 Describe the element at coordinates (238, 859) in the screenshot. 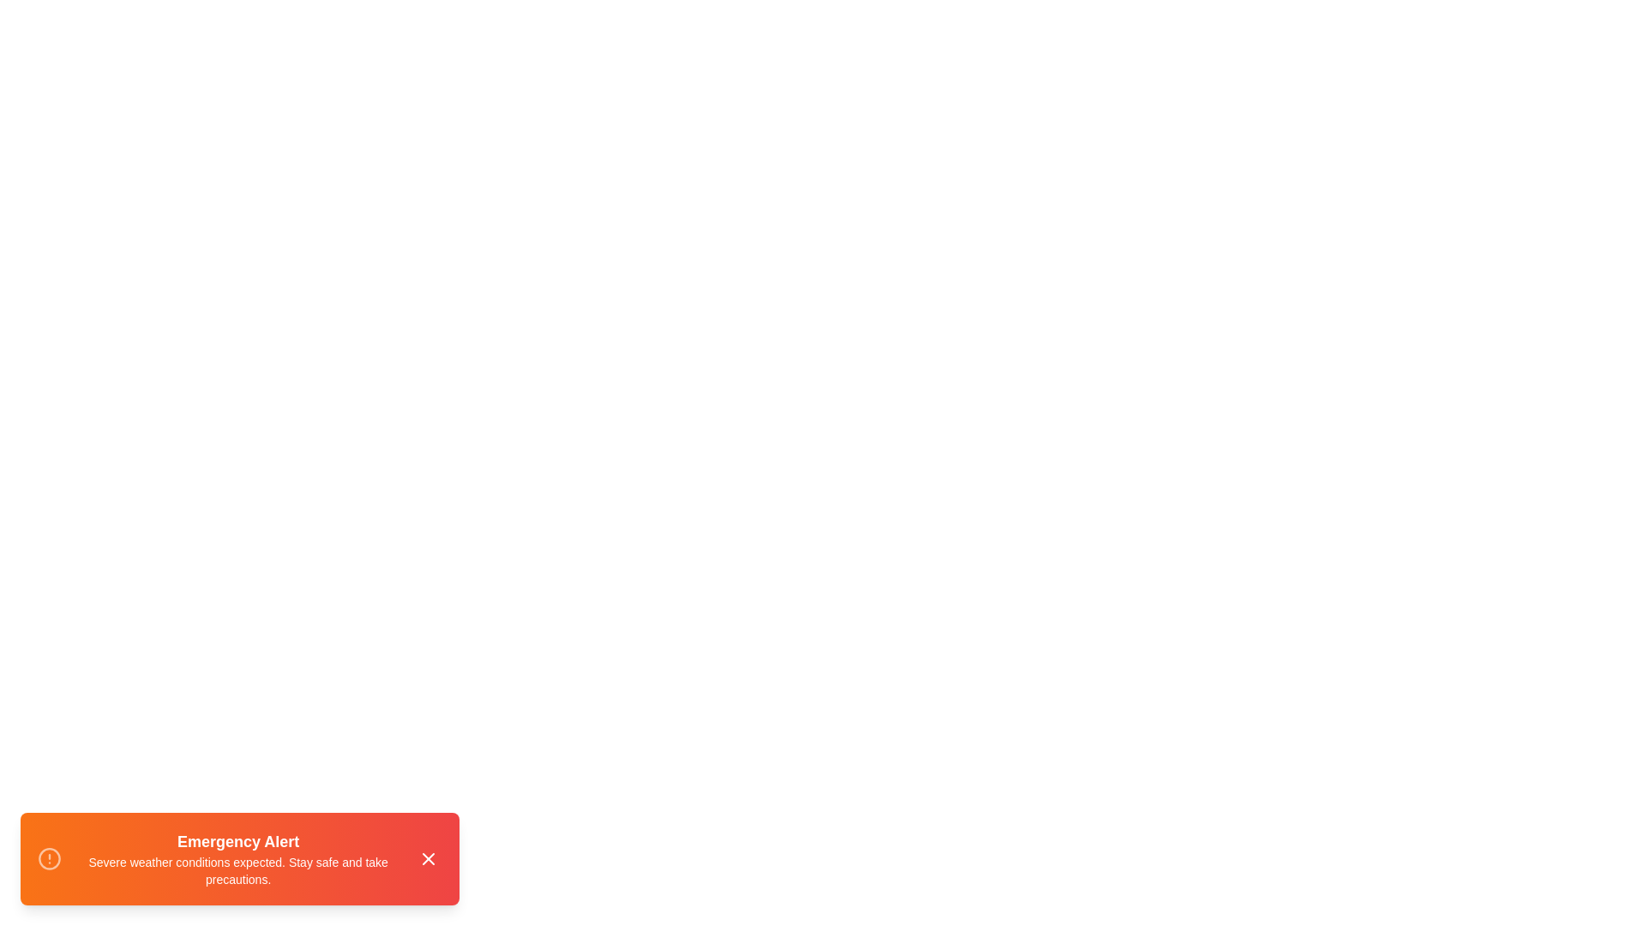

I see `the emergency alert message to read it` at that location.